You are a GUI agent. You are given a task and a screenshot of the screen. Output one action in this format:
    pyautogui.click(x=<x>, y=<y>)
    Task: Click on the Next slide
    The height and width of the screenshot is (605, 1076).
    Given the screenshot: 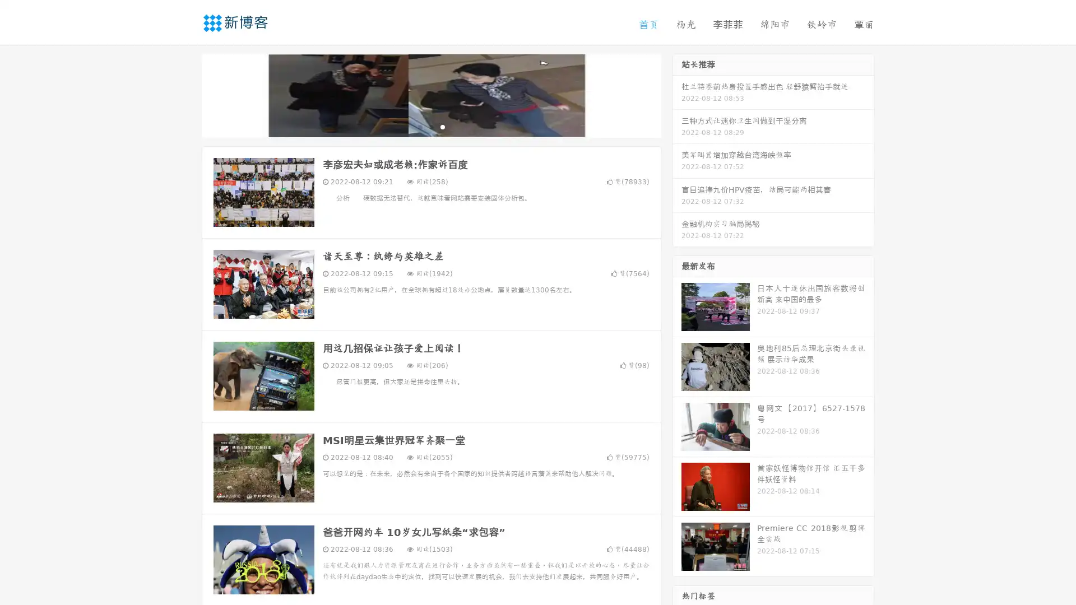 What is the action you would take?
    pyautogui.click(x=677, y=94)
    